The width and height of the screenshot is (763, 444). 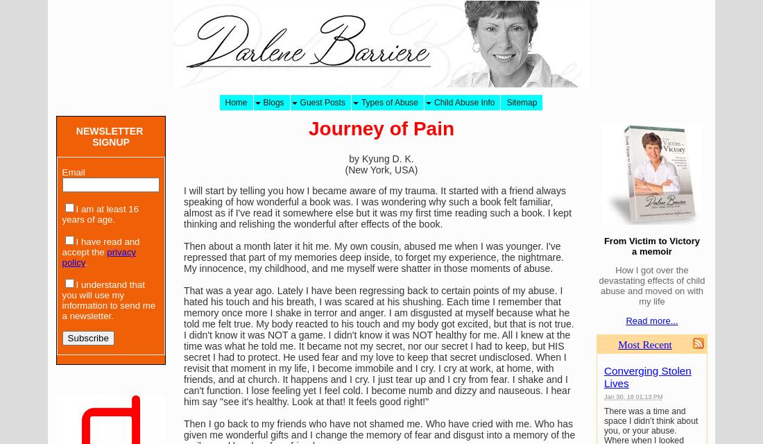 I want to click on 'Then about a month later it hit me. My own cousin, abused me when I was younger. I've repressed that part of my memories deep inside, to forget my experience, the nightmare. My innocence, my childhood, and me myself were shatter in those moments of abuse.', so click(x=373, y=256).